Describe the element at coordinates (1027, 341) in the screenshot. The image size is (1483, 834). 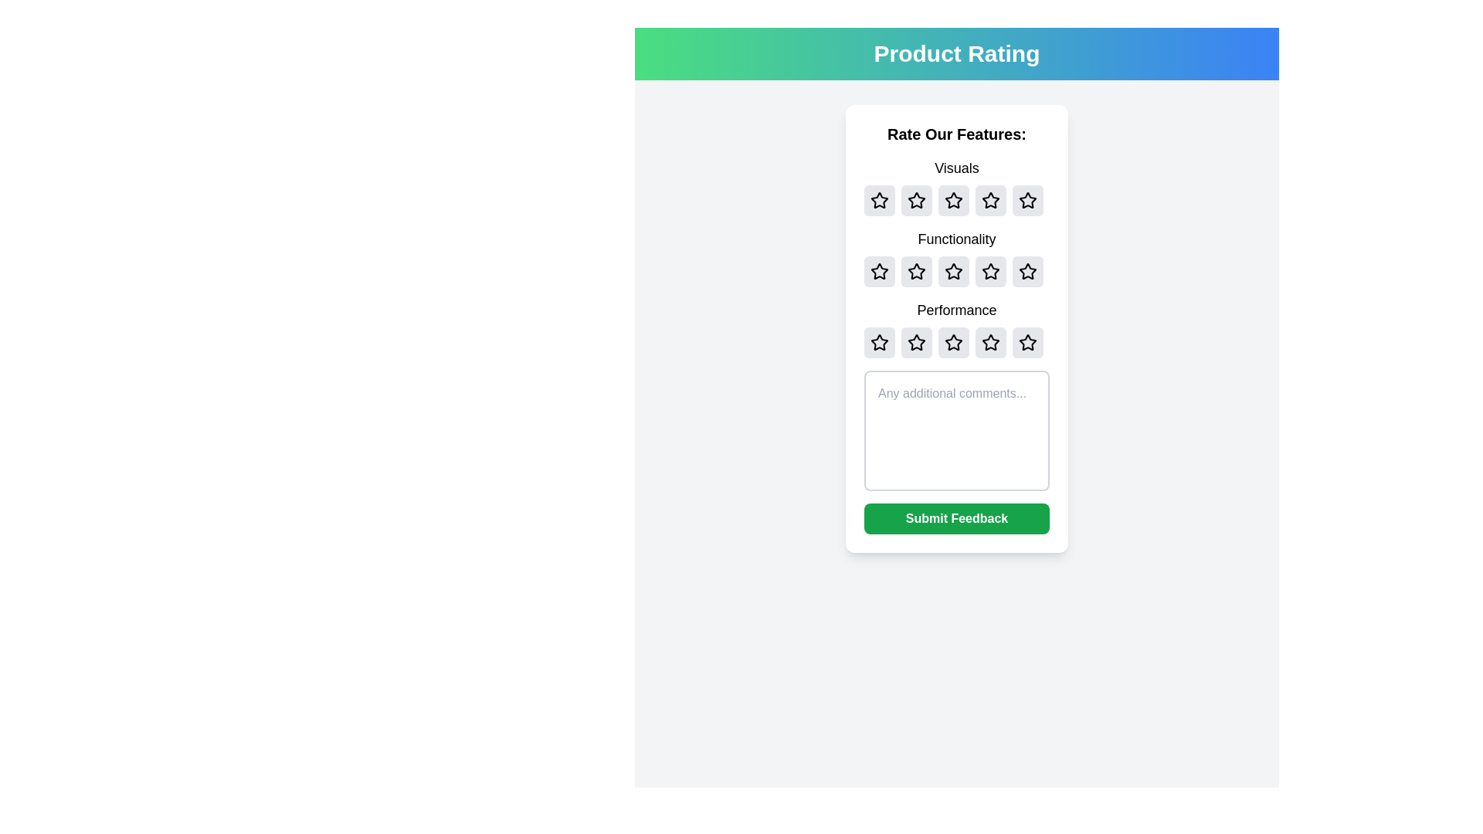
I see `the star icon button to assign a rating of '5' in the 'Performance' category, which is the fifth element in the row of rating stars` at that location.